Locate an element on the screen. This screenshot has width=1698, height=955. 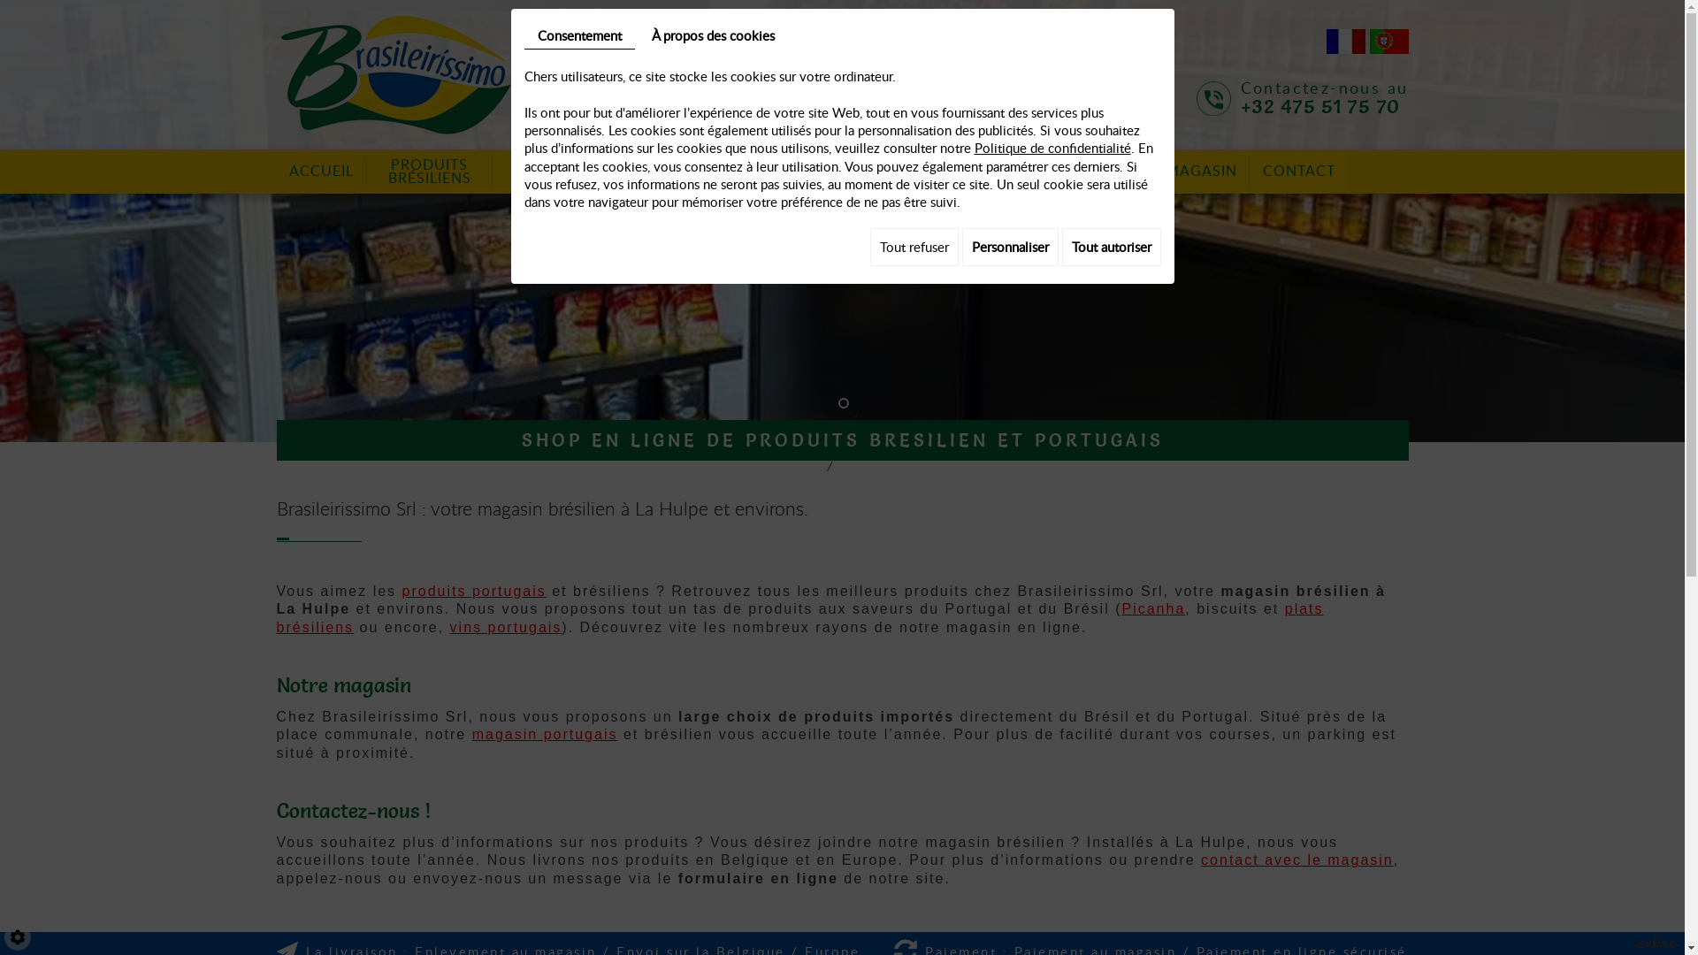
'CONTACT' is located at coordinates (1298, 171).